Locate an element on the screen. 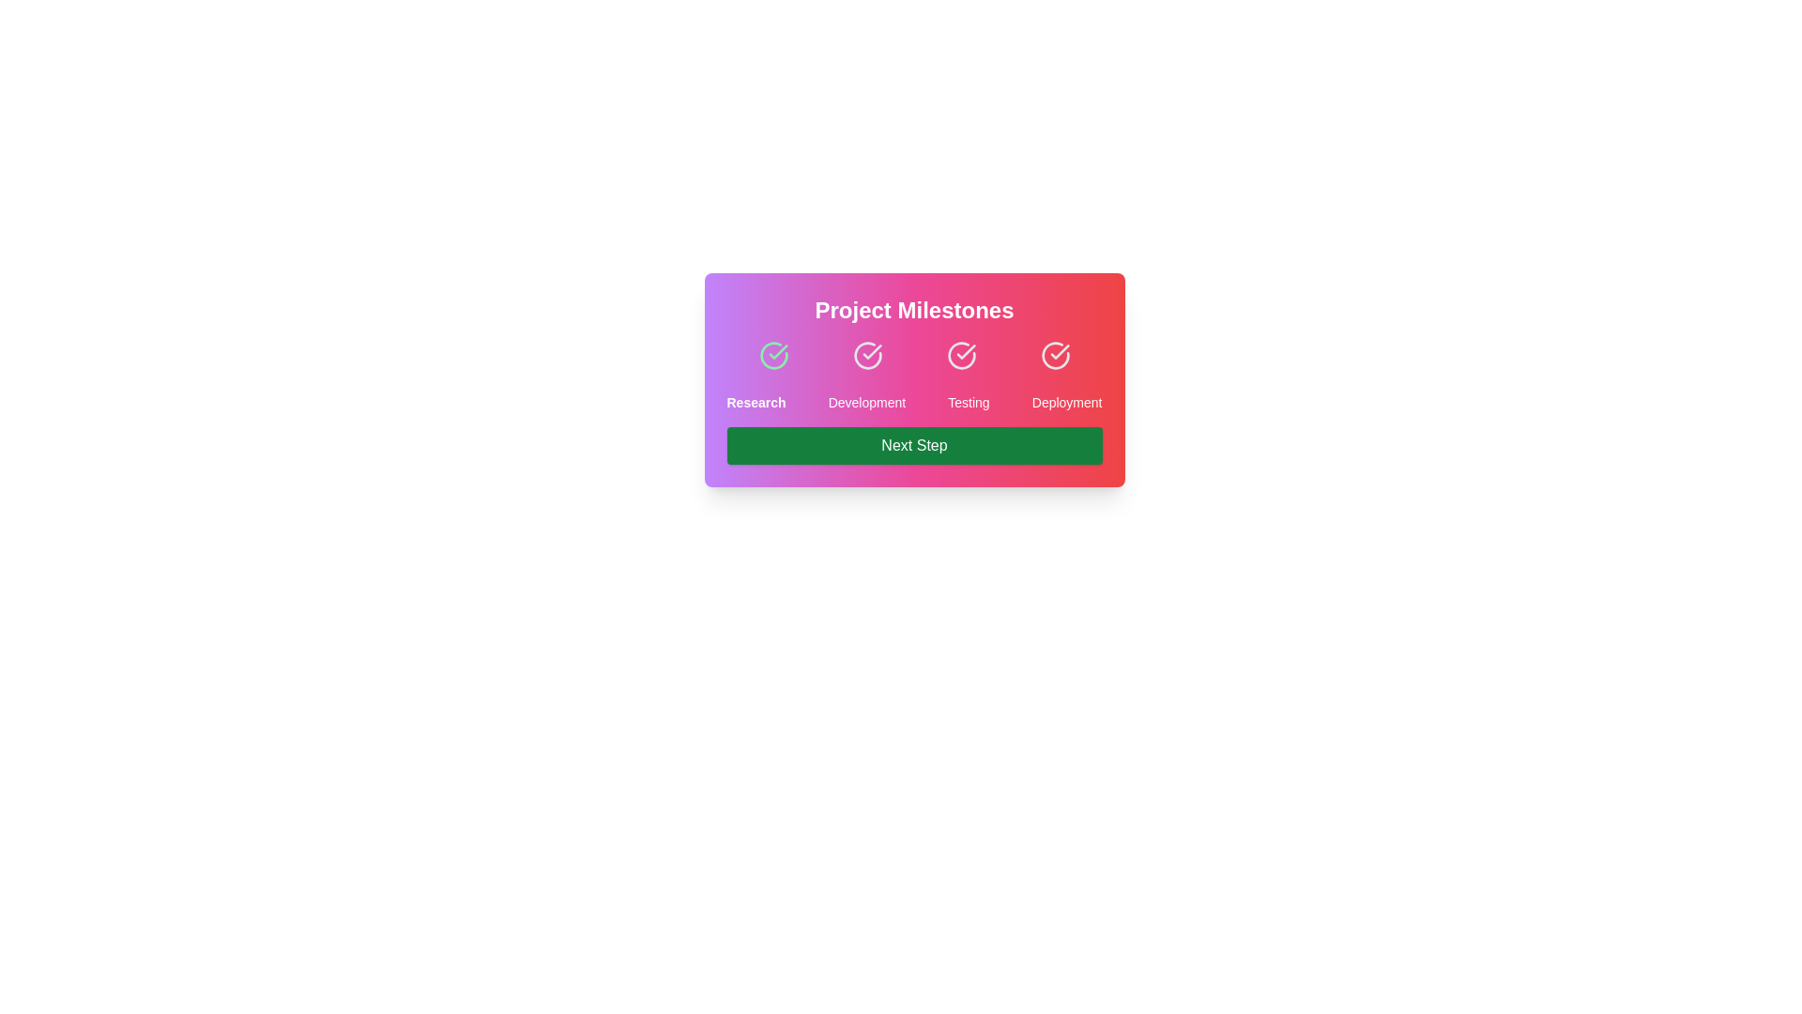  the 'Development' milestone icon, which is the second icon from the left in a row of four circular icons at the top center of the interface is located at coordinates (866, 355).